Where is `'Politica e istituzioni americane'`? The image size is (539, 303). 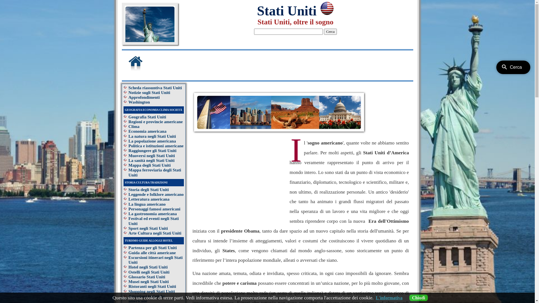
'Politica e istituzioni americane' is located at coordinates (156, 146).